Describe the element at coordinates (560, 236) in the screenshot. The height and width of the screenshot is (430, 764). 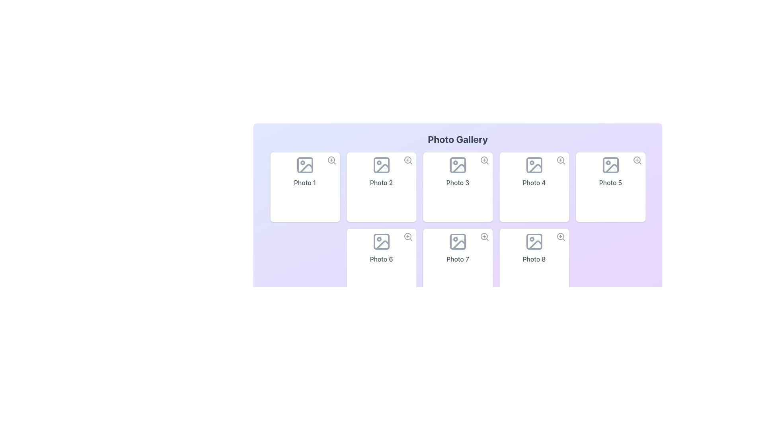
I see `the circular part of the zoom-in icon related to the item labeled 'Photo 8' in the bottom-right corner of the photo gallery` at that location.